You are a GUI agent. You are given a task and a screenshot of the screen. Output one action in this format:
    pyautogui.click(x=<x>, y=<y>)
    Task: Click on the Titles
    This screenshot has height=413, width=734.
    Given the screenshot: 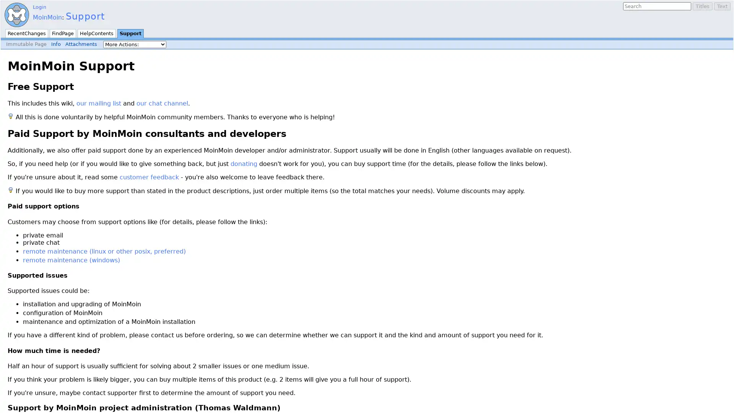 What is the action you would take?
    pyautogui.click(x=703, y=6)
    